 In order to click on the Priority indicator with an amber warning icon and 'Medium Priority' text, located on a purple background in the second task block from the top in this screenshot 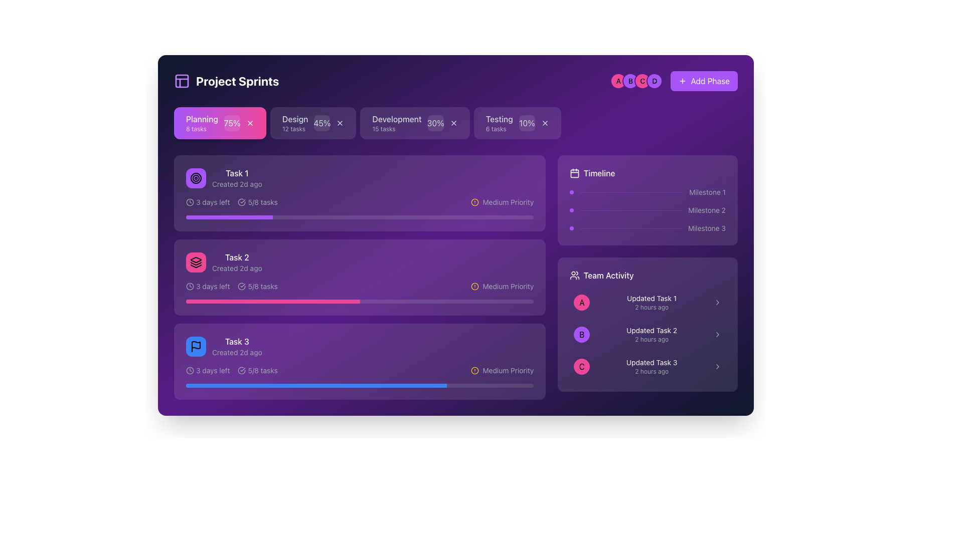, I will do `click(502, 202)`.